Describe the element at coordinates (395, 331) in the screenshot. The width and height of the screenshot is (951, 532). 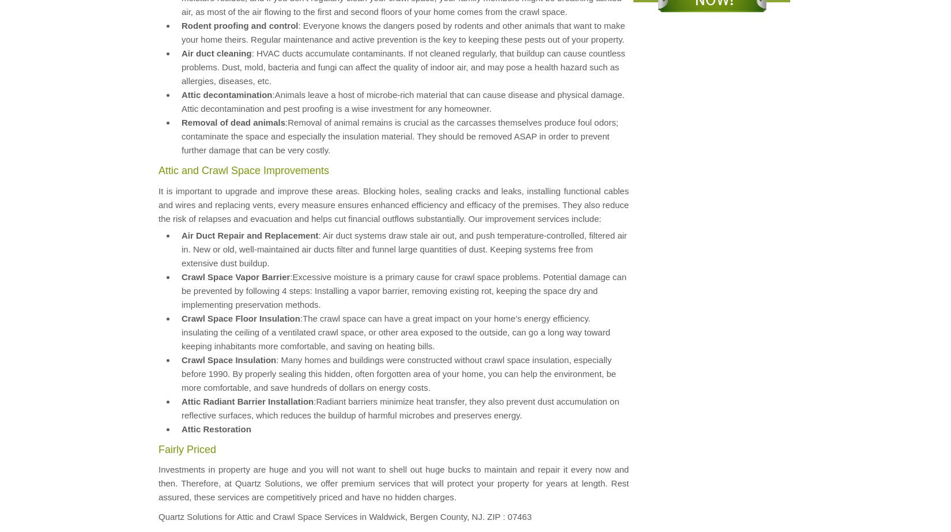
I see `':The crawl space can have a great impact on your home’s energy efficiency. insulating the ceiling of a ventilated crawl space, or other area exposed to the outside, can go a long way toward keeping inhabitants more comfortable, and saving on heating bills.'` at that location.